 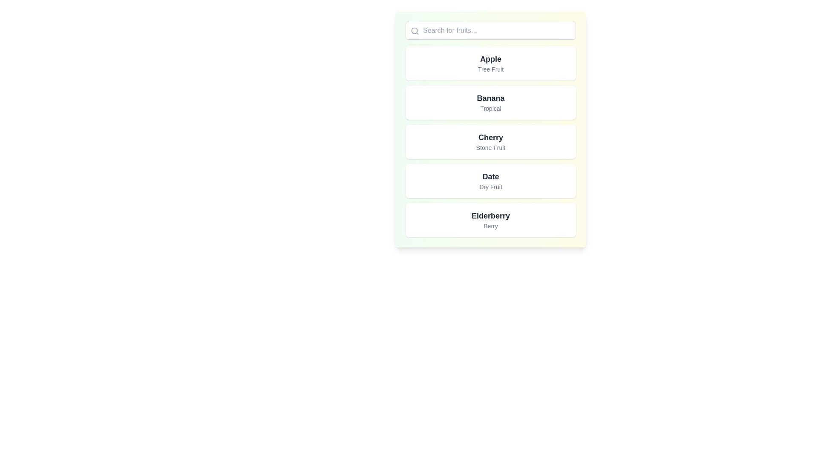 I want to click on the fruit type card that represents 'Date', which is the fourth card in a vertically stacked list, located between the 'Cherry' card above and the 'Elderberry' card below, so click(x=491, y=180).